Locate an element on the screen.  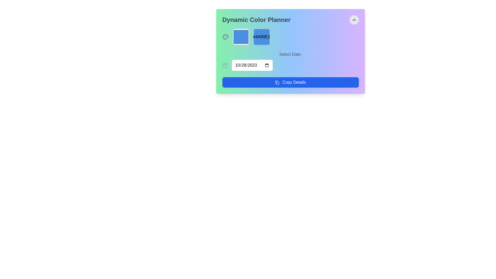
the Date input field located under the 'Select Date:' label, which allows users to input or select a date and may open a date-picker widget when clicked is located at coordinates (252, 65).